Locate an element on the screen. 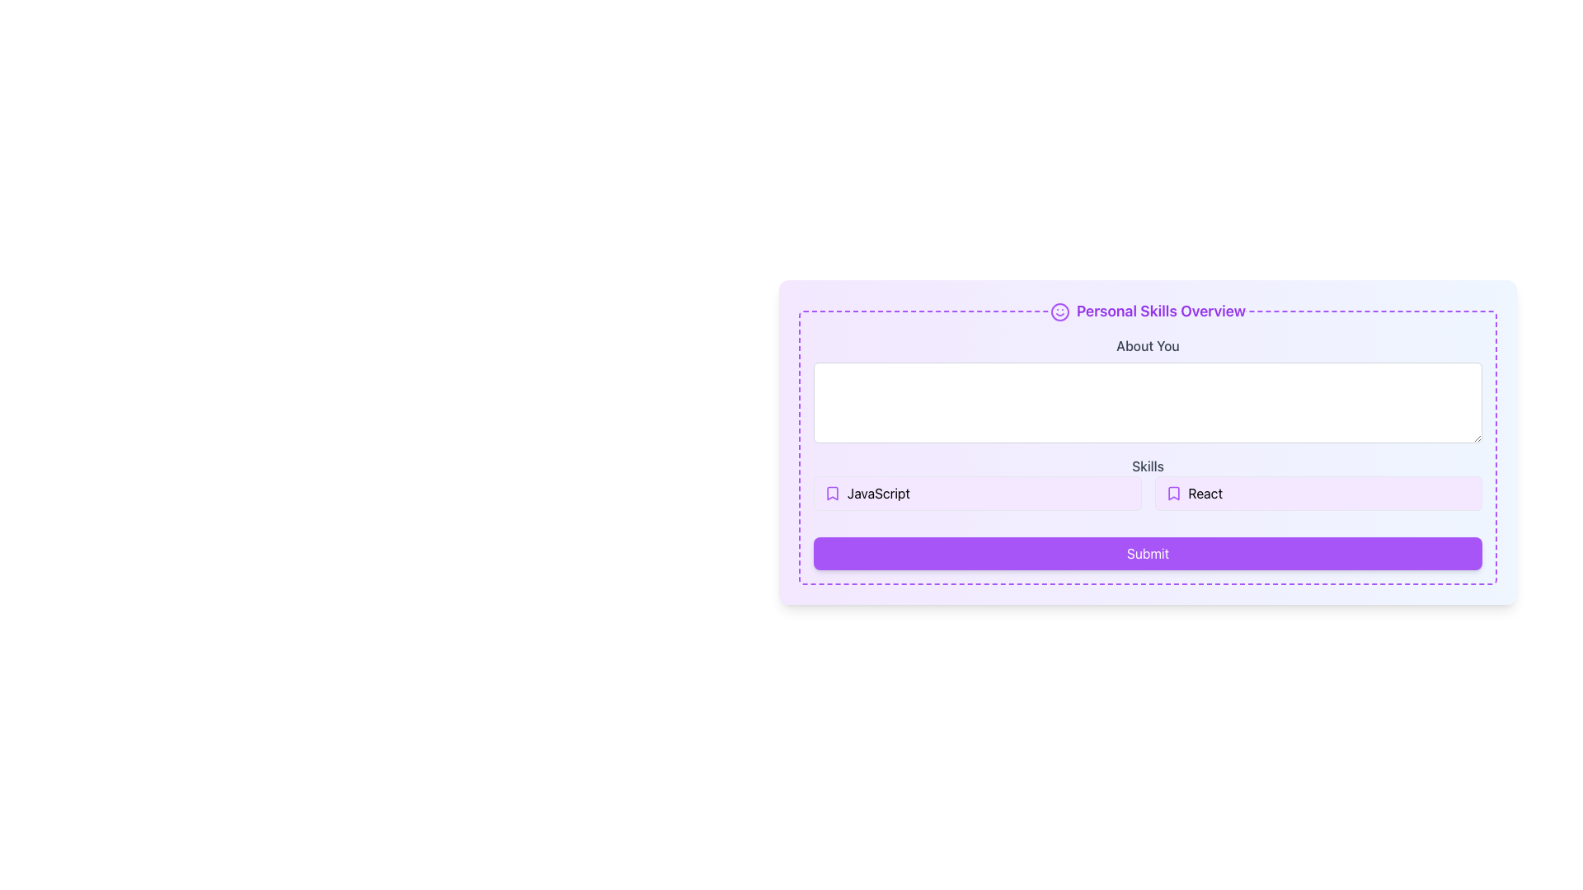 The image size is (1583, 890). the static text label that serves as the title for the 'About You' section, which is centrally located above the multiline text area is located at coordinates (1147, 345).